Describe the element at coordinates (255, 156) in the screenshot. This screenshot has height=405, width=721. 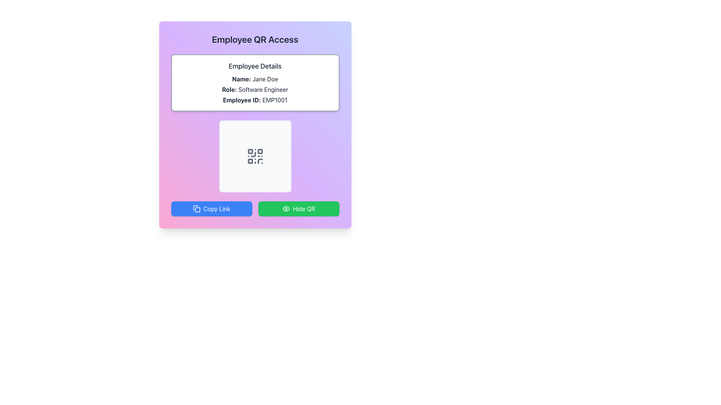
I see `the QR code icon that is centrally positioned within a dashed gray-bordered square box below the 'Employee Details' card` at that location.